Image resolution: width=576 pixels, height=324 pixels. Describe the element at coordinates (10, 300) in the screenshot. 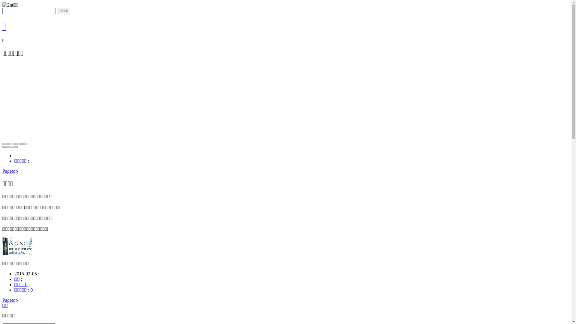

I see `'Pagetop'` at that location.